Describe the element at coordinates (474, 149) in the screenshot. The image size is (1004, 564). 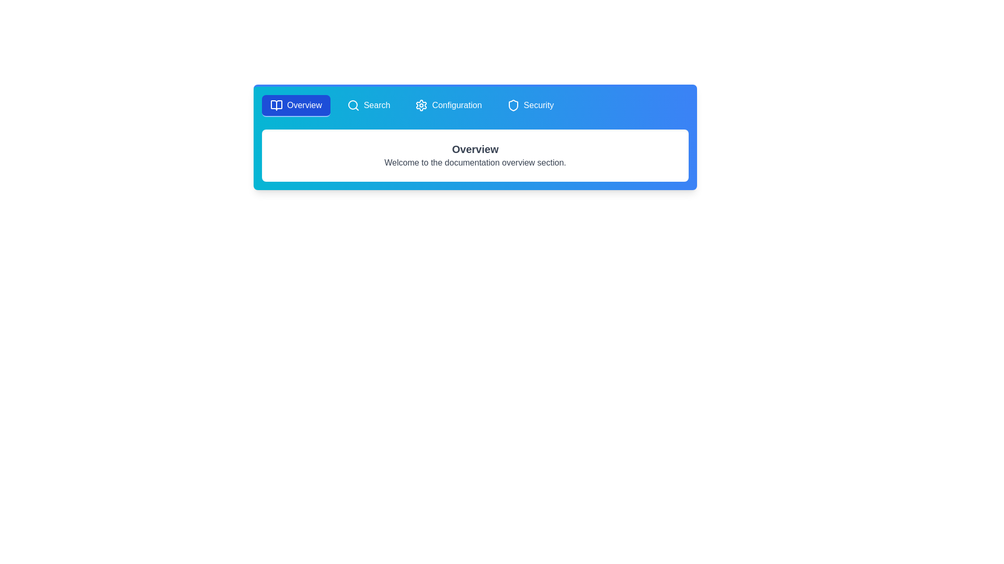
I see `the heading text element that serves as the title for the page, which is located above the descriptive text 'Welcome to the documentation overview section.'` at that location.